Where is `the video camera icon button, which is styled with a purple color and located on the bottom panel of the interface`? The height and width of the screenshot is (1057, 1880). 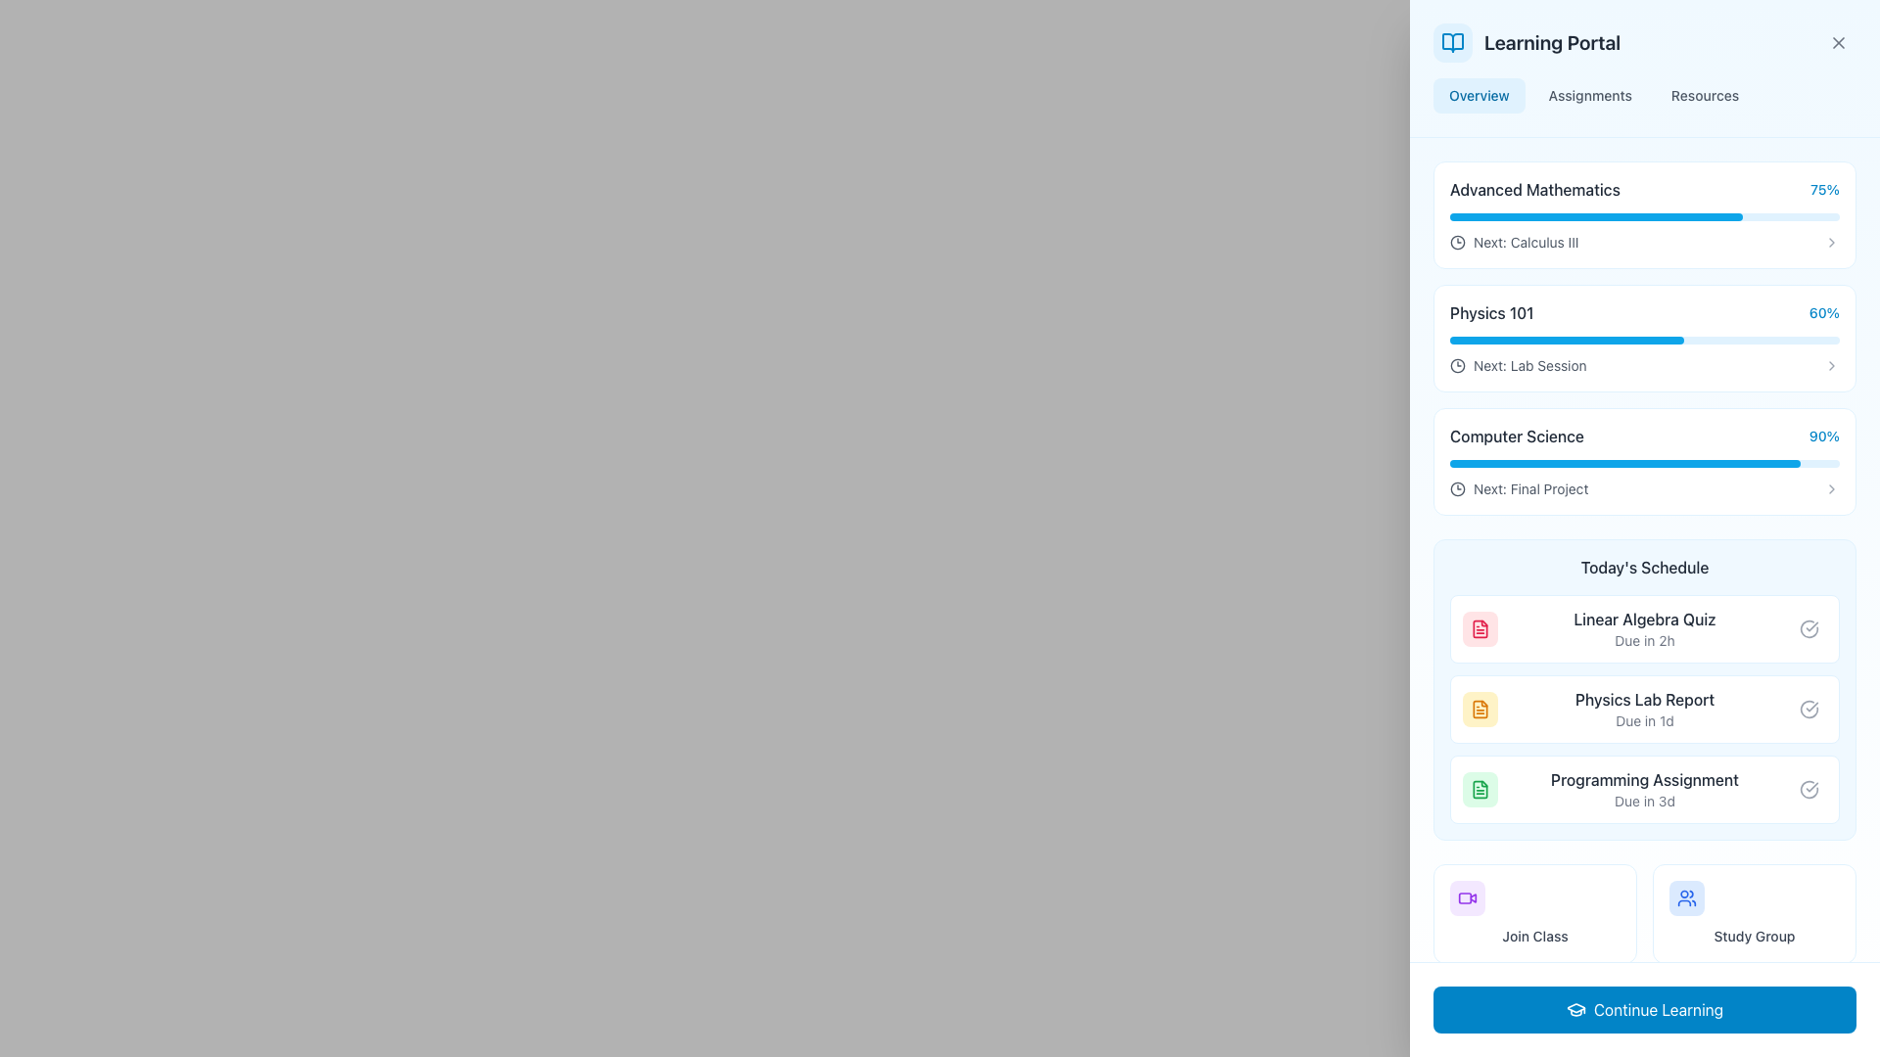
the video camera icon button, which is styled with a purple color and located on the bottom panel of the interface is located at coordinates (1467, 898).